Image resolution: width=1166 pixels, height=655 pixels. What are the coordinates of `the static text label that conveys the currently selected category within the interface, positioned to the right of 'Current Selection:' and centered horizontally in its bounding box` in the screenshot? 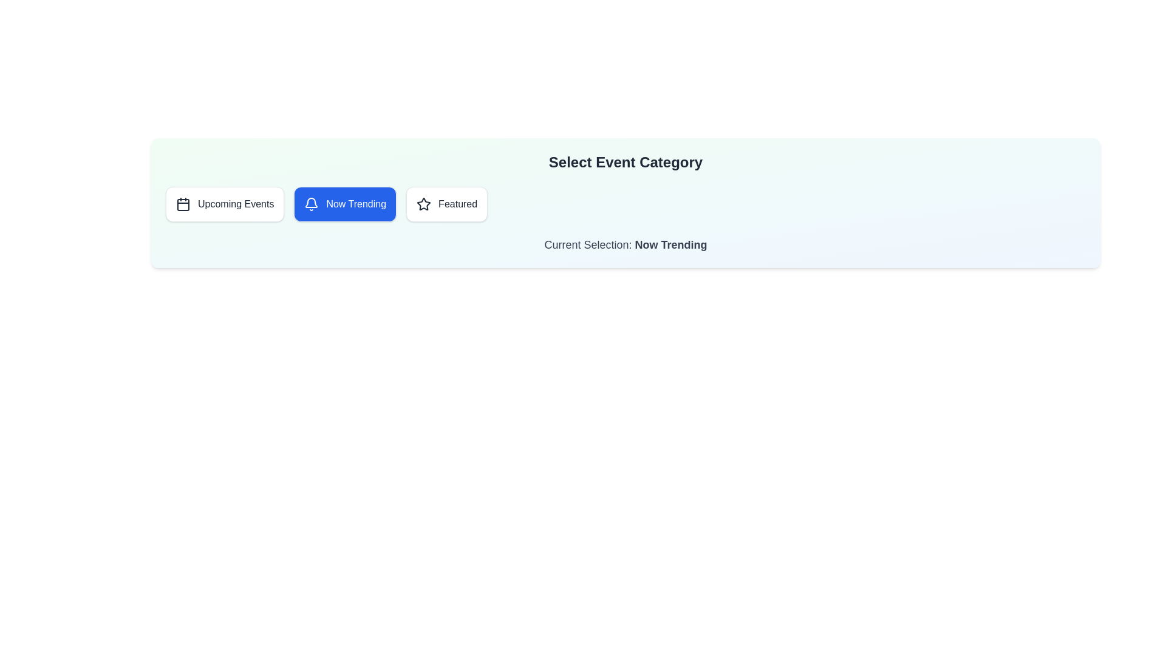 It's located at (670, 245).